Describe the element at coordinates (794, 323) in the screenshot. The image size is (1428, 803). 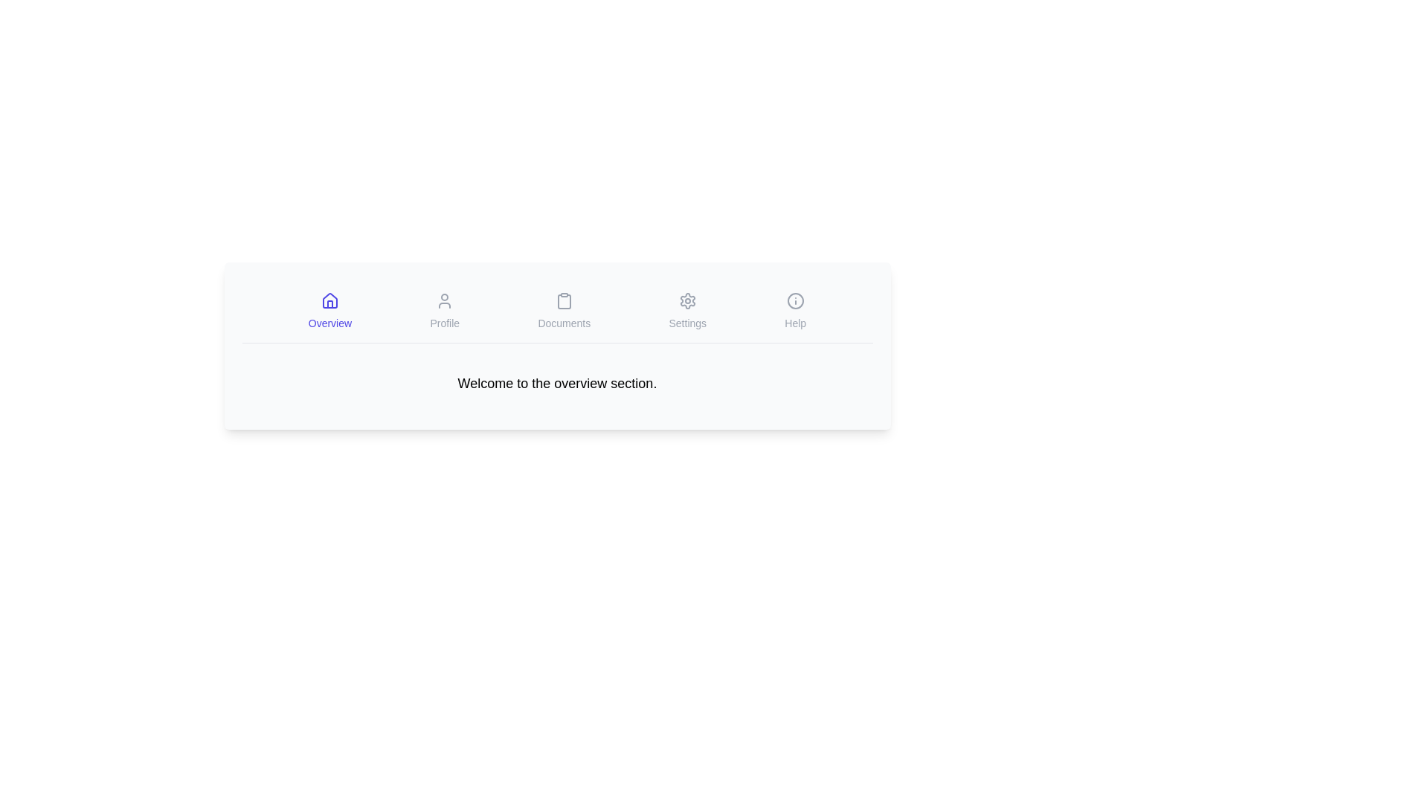
I see `the Text label located at the bottom-right of the page, which describes the functionality of the associated 'info' icon above it` at that location.